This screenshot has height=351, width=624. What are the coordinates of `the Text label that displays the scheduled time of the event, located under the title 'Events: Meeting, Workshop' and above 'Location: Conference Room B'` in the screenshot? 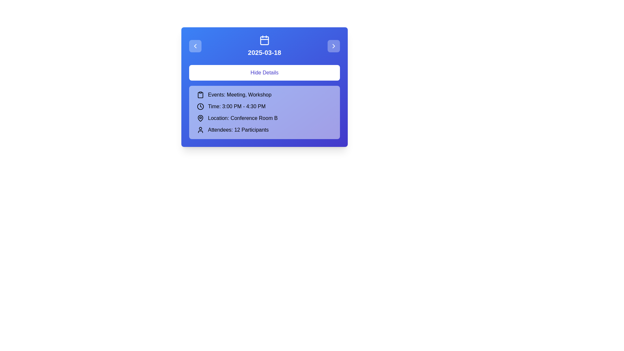 It's located at (236, 106).